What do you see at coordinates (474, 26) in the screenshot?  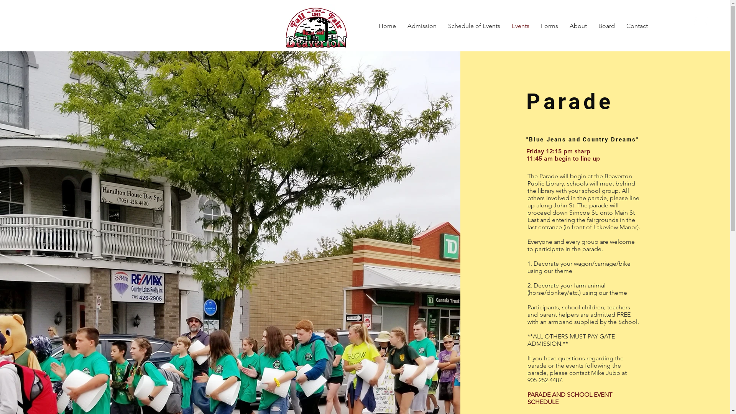 I see `'Schedule of Events'` at bounding box center [474, 26].